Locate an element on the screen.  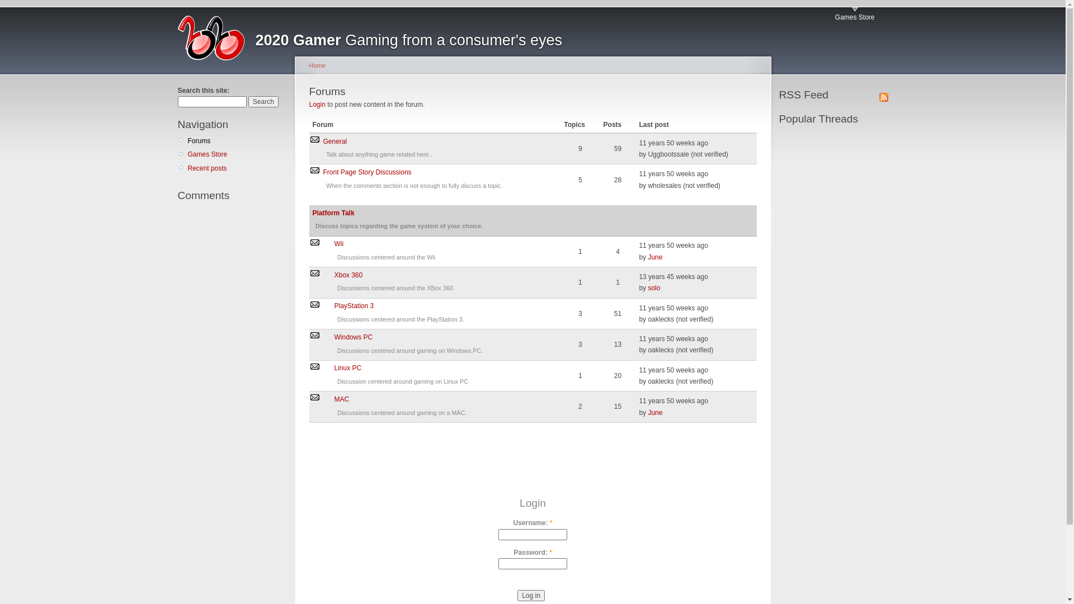
'Search' is located at coordinates (262, 101).